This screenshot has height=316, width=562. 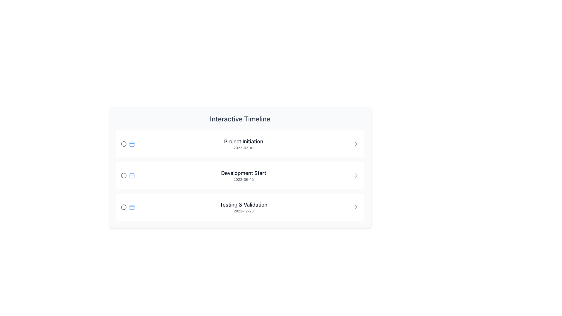 What do you see at coordinates (244, 147) in the screenshot?
I see `the text label displaying '2022-03-01' located under the heading 'Project Initiation' in a vertical list of events` at bounding box center [244, 147].